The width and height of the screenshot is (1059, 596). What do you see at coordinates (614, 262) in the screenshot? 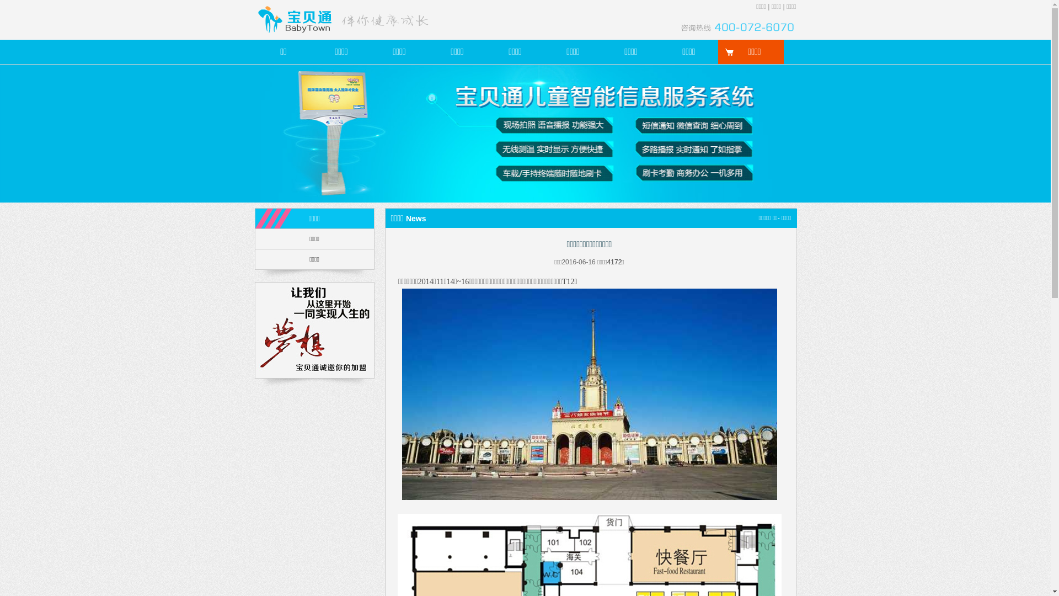
I see `'4172'` at bounding box center [614, 262].